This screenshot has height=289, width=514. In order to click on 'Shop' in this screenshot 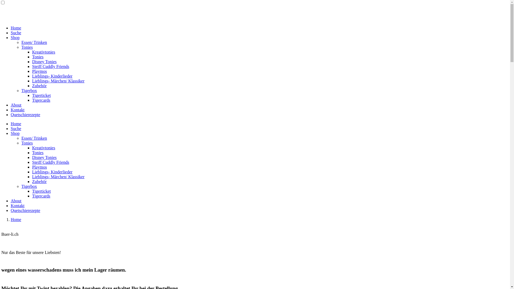, I will do `click(15, 133)`.